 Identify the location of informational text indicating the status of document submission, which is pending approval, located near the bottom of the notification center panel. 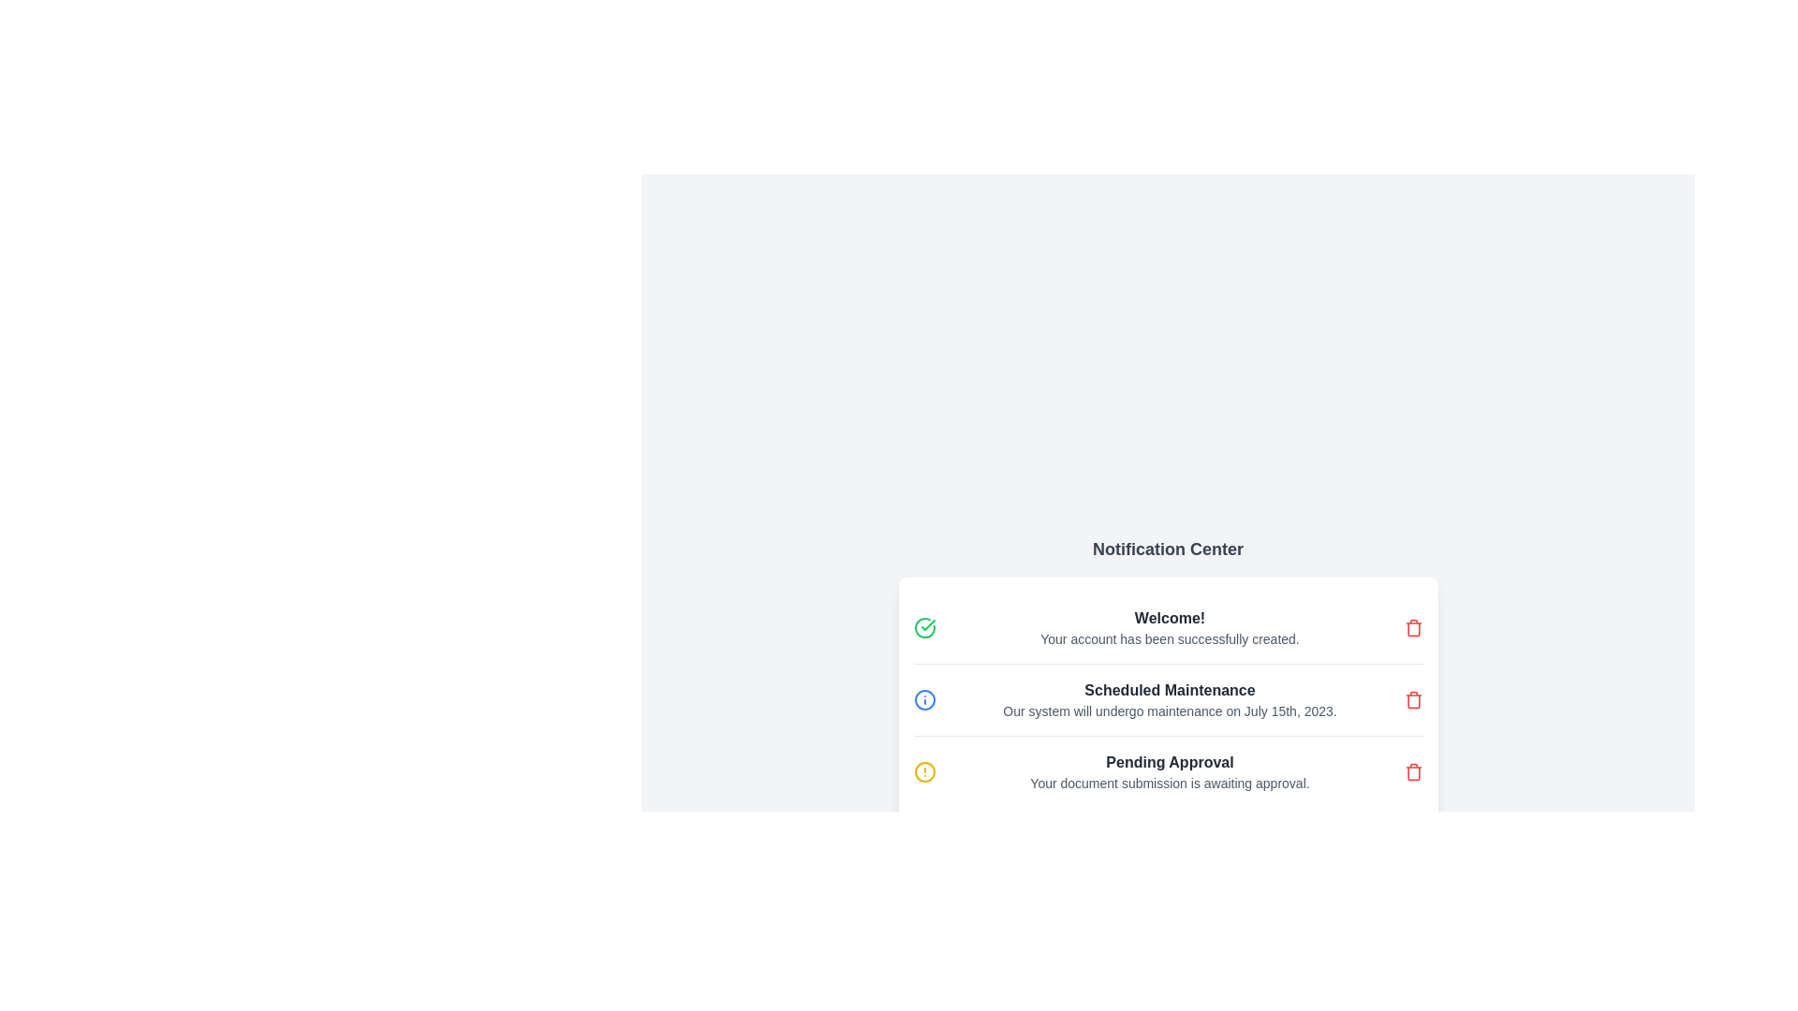
(1169, 784).